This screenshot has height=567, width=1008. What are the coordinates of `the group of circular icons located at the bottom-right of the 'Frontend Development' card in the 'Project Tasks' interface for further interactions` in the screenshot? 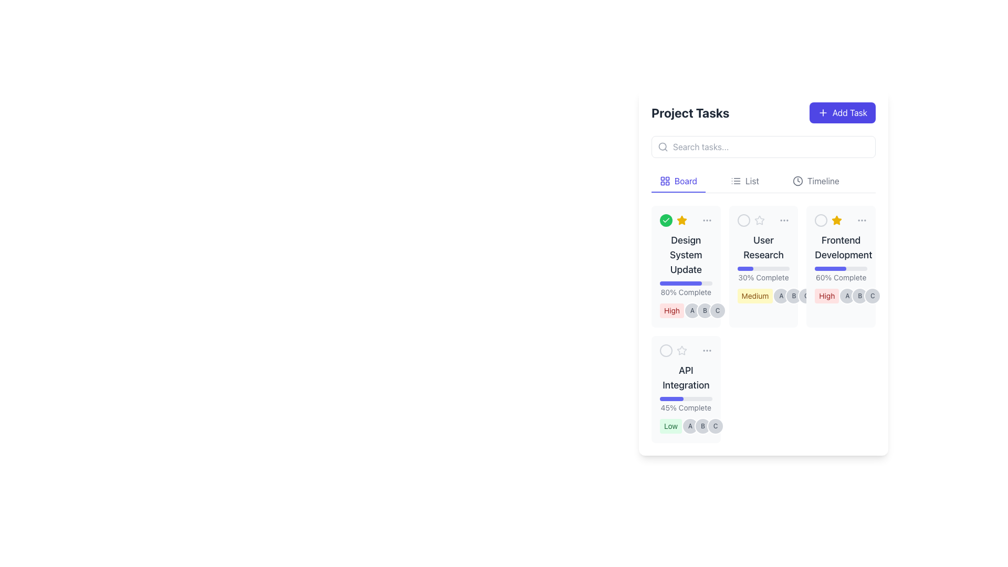 It's located at (860, 296).